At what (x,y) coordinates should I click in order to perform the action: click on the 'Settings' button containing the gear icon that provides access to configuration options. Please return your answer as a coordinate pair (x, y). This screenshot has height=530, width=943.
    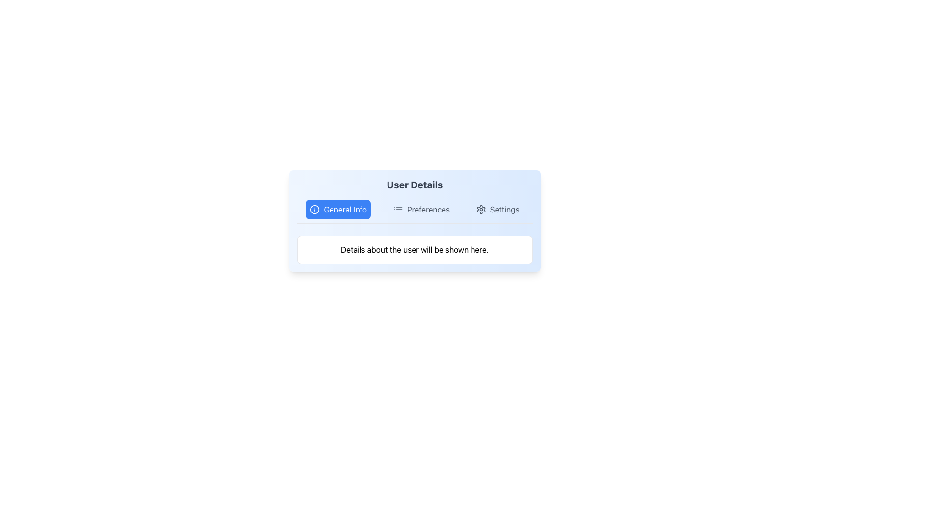
    Looking at the image, I should click on (481, 209).